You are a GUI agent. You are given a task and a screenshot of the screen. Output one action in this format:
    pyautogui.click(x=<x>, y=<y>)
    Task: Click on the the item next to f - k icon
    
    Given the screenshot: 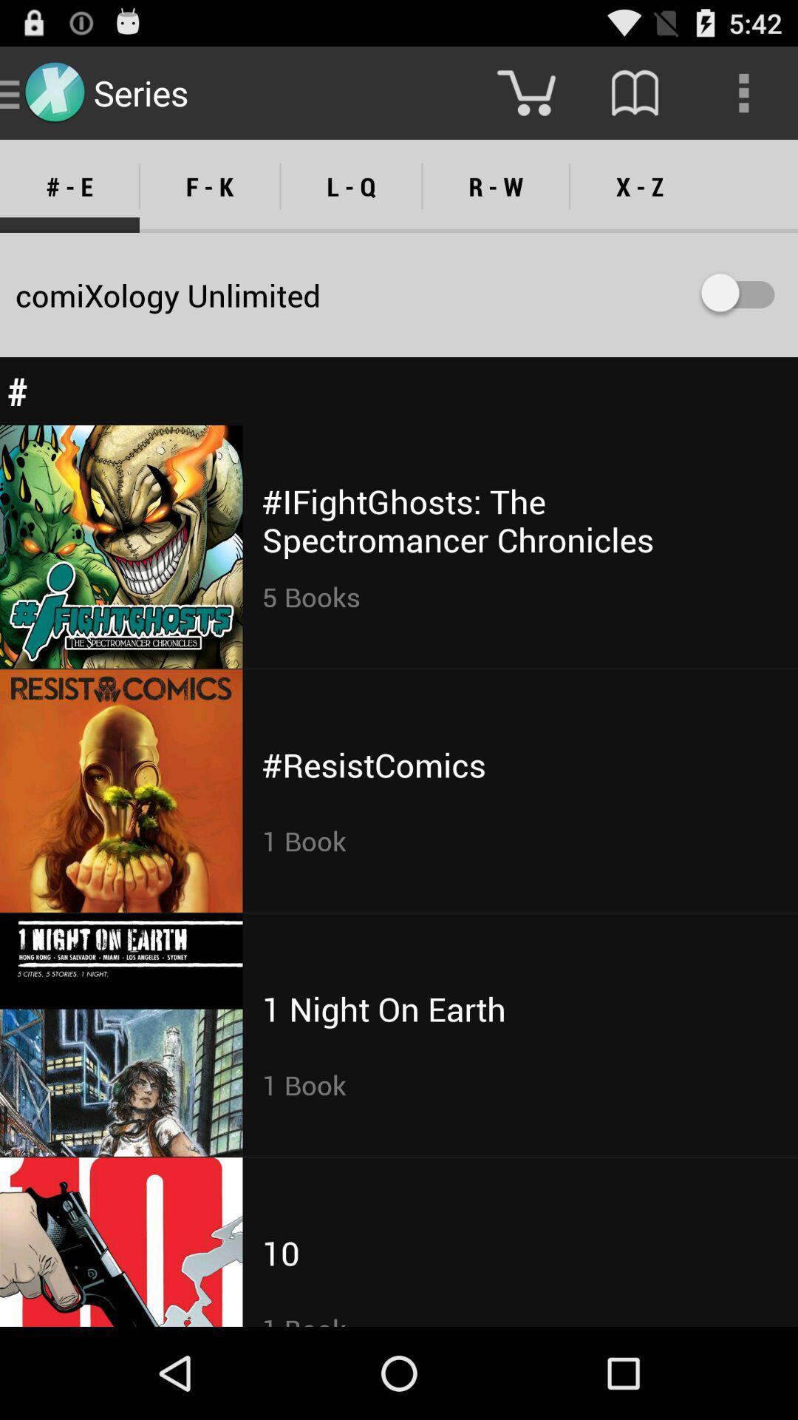 What is the action you would take?
    pyautogui.click(x=351, y=186)
    